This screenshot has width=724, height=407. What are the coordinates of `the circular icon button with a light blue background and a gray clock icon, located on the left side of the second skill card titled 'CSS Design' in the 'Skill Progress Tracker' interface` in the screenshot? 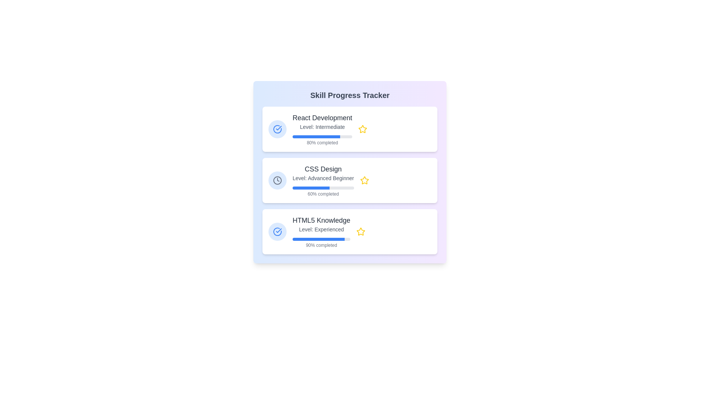 It's located at (277, 180).